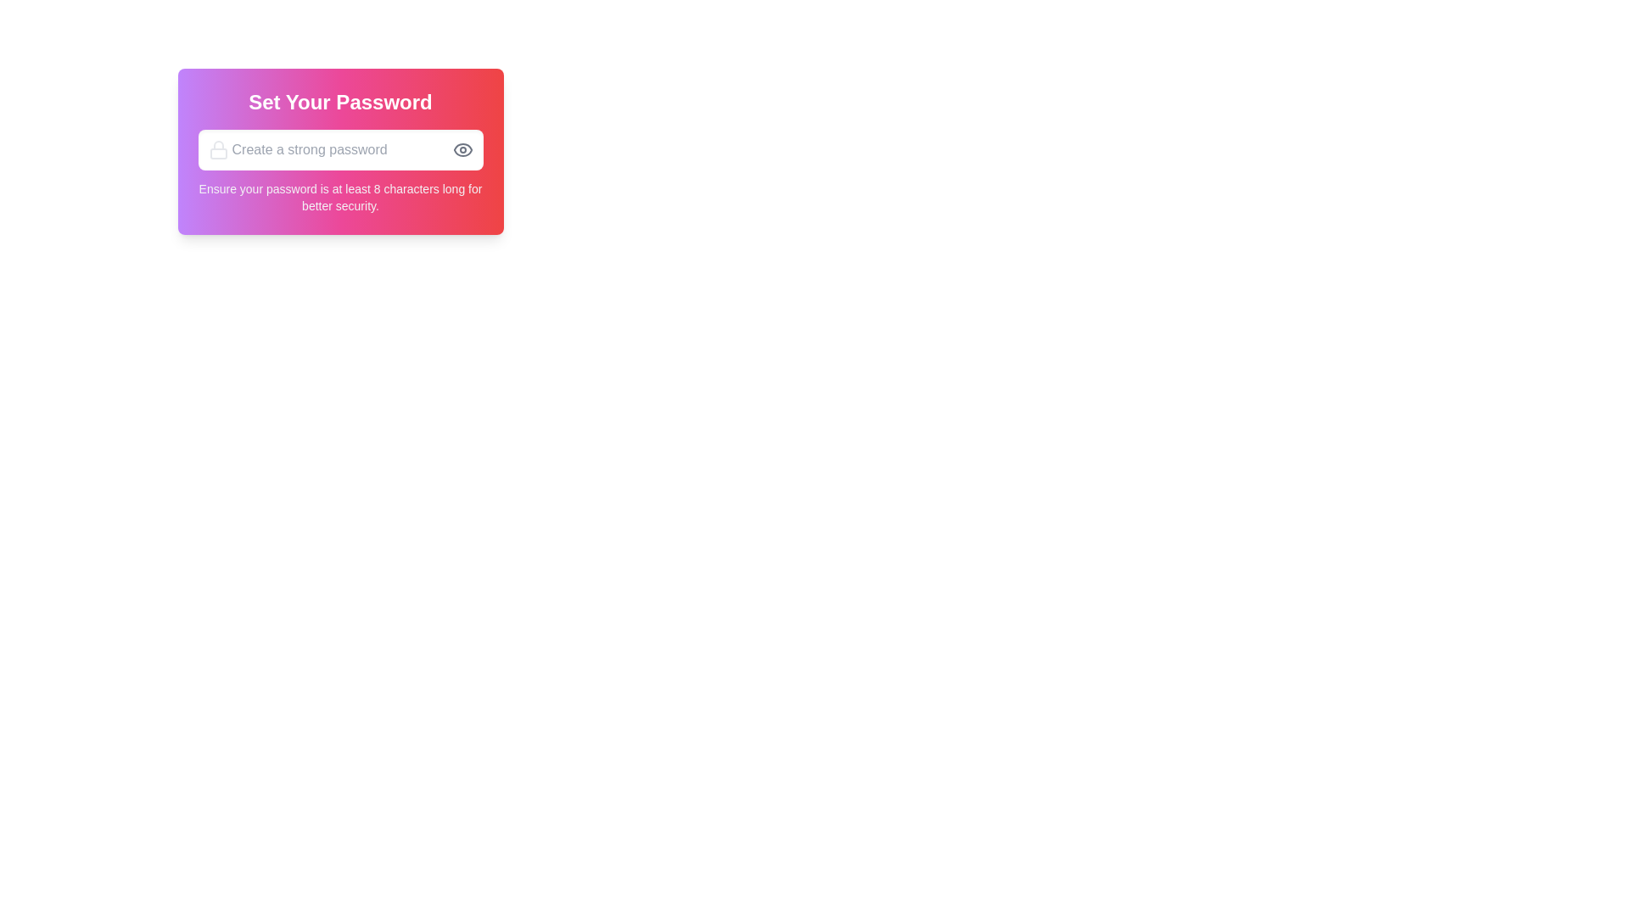 Image resolution: width=1629 pixels, height=916 pixels. What do you see at coordinates (467, 149) in the screenshot?
I see `the eye icon button` at bounding box center [467, 149].